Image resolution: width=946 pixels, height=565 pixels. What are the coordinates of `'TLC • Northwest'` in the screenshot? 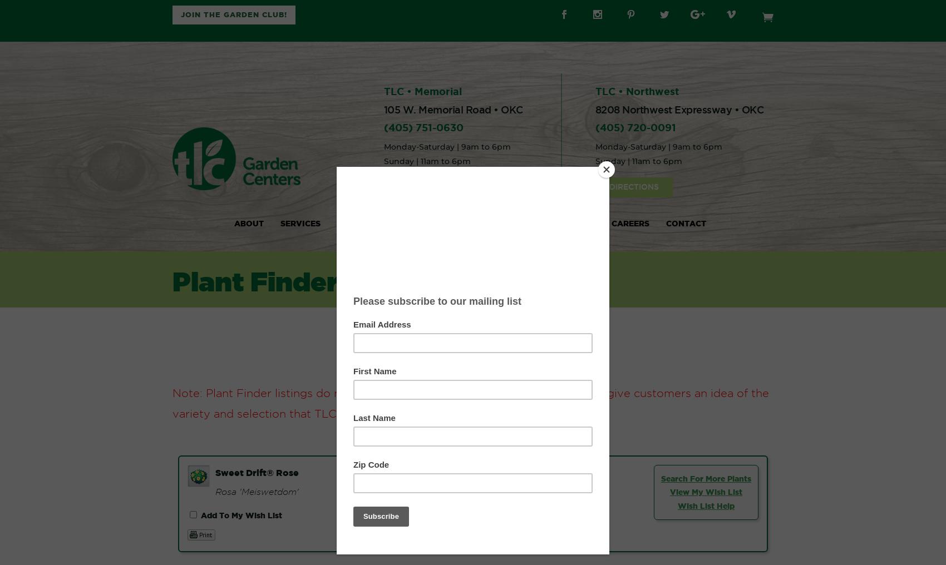 It's located at (636, 91).